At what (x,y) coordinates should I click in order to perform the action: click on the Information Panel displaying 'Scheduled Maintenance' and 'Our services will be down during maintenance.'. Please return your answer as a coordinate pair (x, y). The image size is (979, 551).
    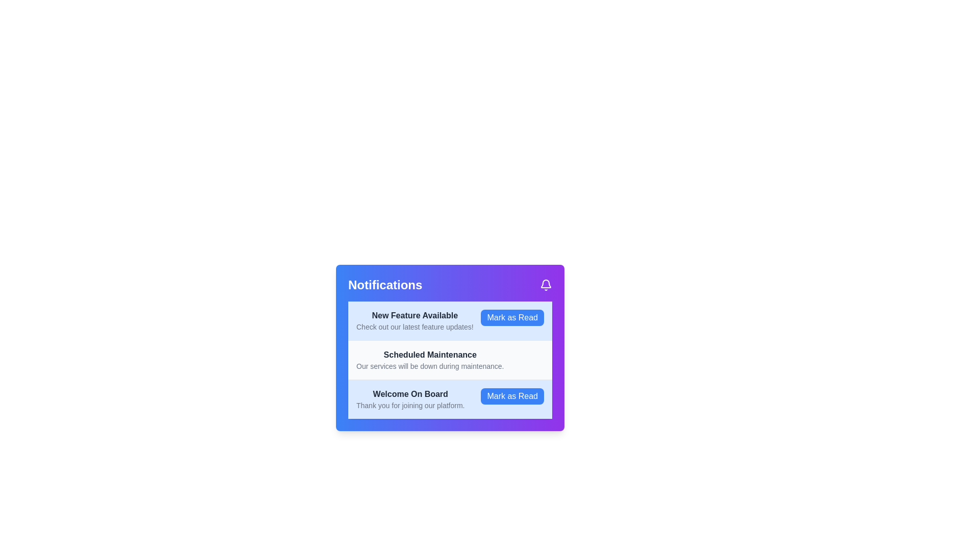
    Looking at the image, I should click on (430, 359).